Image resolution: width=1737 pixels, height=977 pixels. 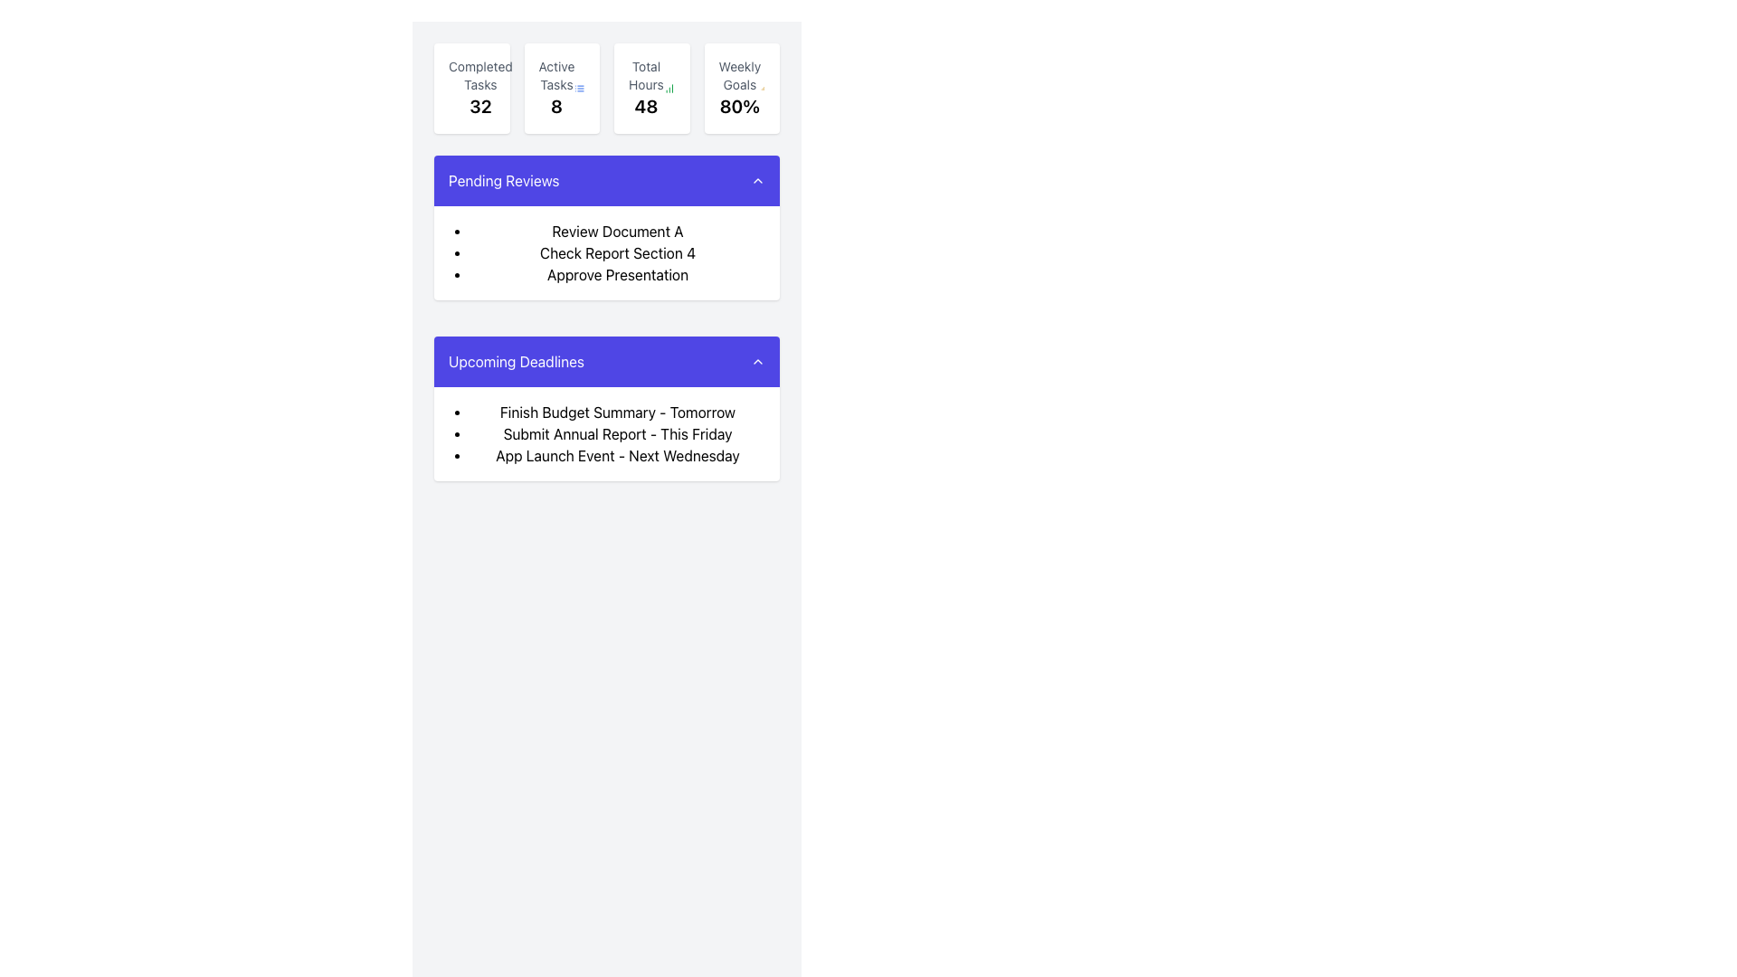 I want to click on the informational text element in the 'Pending Reviews' section, which is the second item in the vertical list of three, located between 'Review Document A' and 'Approve Presentation', so click(x=617, y=253).